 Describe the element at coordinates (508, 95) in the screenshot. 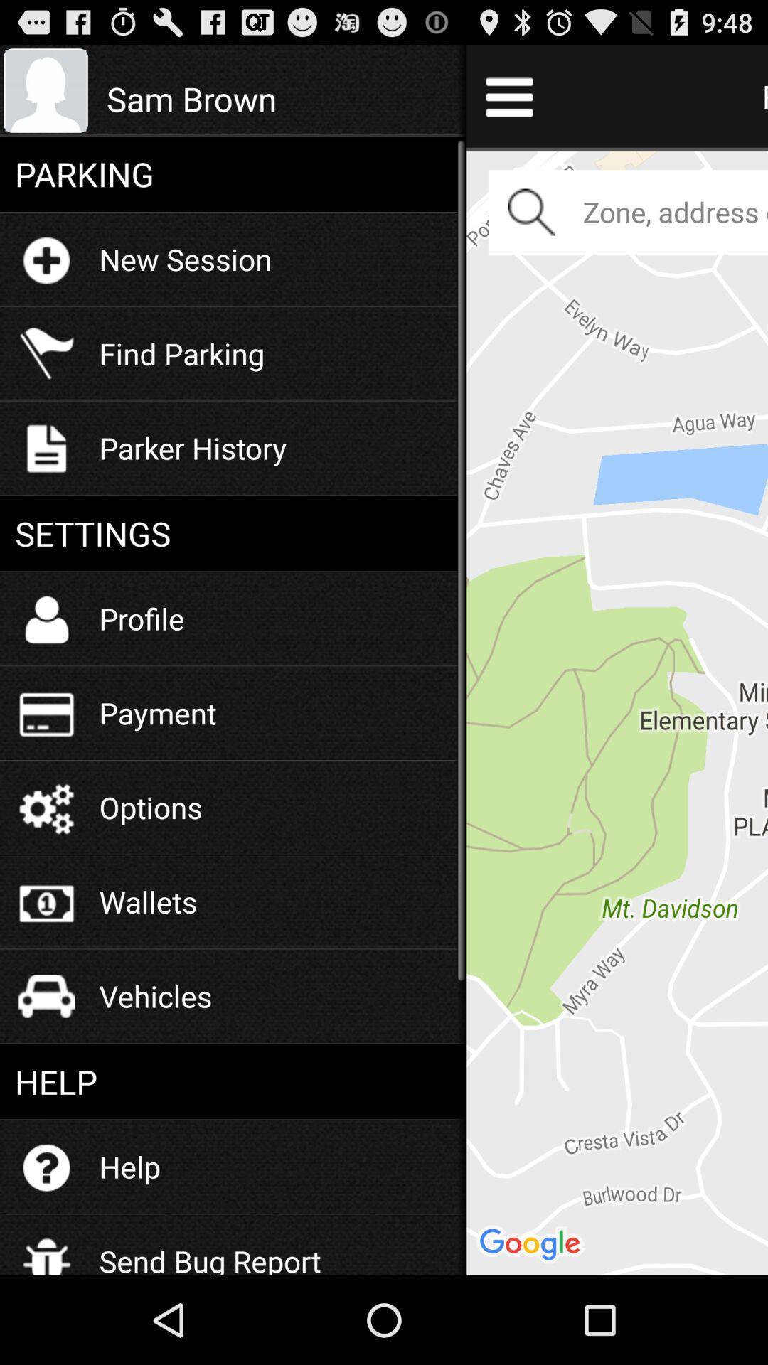

I see `menu bar icon` at that location.